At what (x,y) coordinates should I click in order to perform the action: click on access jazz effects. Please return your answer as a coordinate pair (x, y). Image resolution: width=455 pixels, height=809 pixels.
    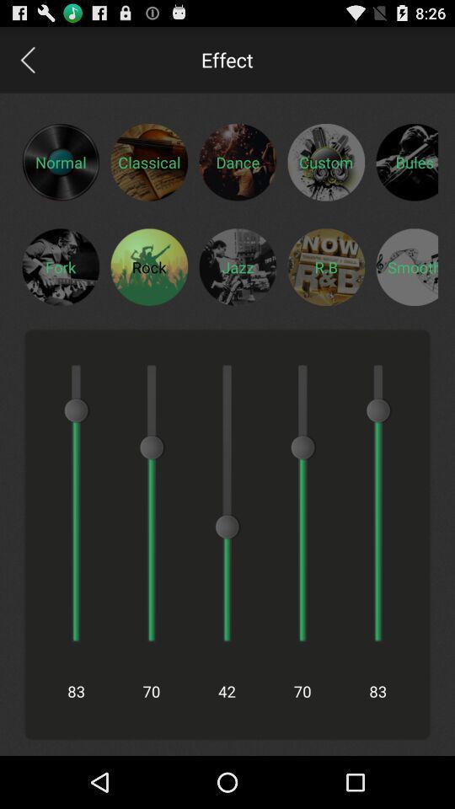
    Looking at the image, I should click on (237, 266).